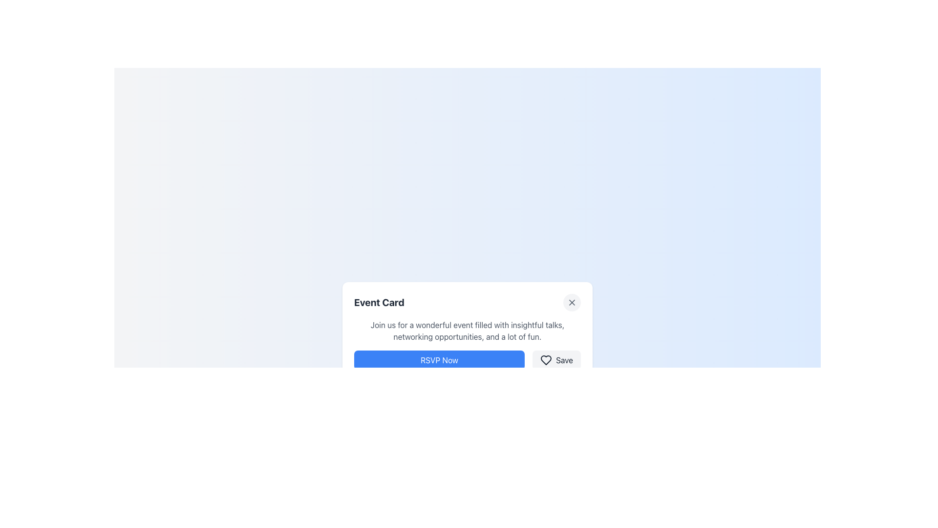 The image size is (938, 528). What do you see at coordinates (572, 302) in the screenshot?
I see `the close button icon located in the top-right corner of the card` at bounding box center [572, 302].